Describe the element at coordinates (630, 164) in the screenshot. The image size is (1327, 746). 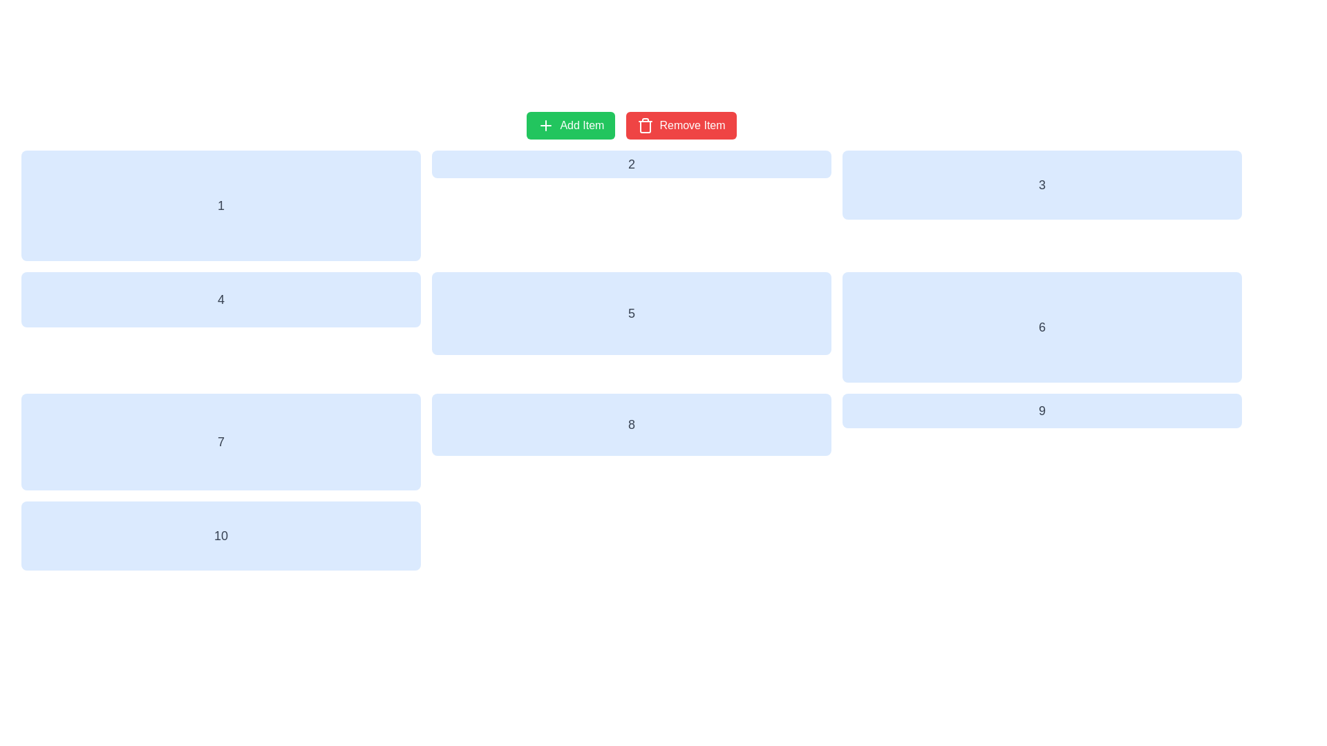
I see `the light blue rectangular label containing the numeral '2' in dark gray text, which is the second element in a grid layout` at that location.